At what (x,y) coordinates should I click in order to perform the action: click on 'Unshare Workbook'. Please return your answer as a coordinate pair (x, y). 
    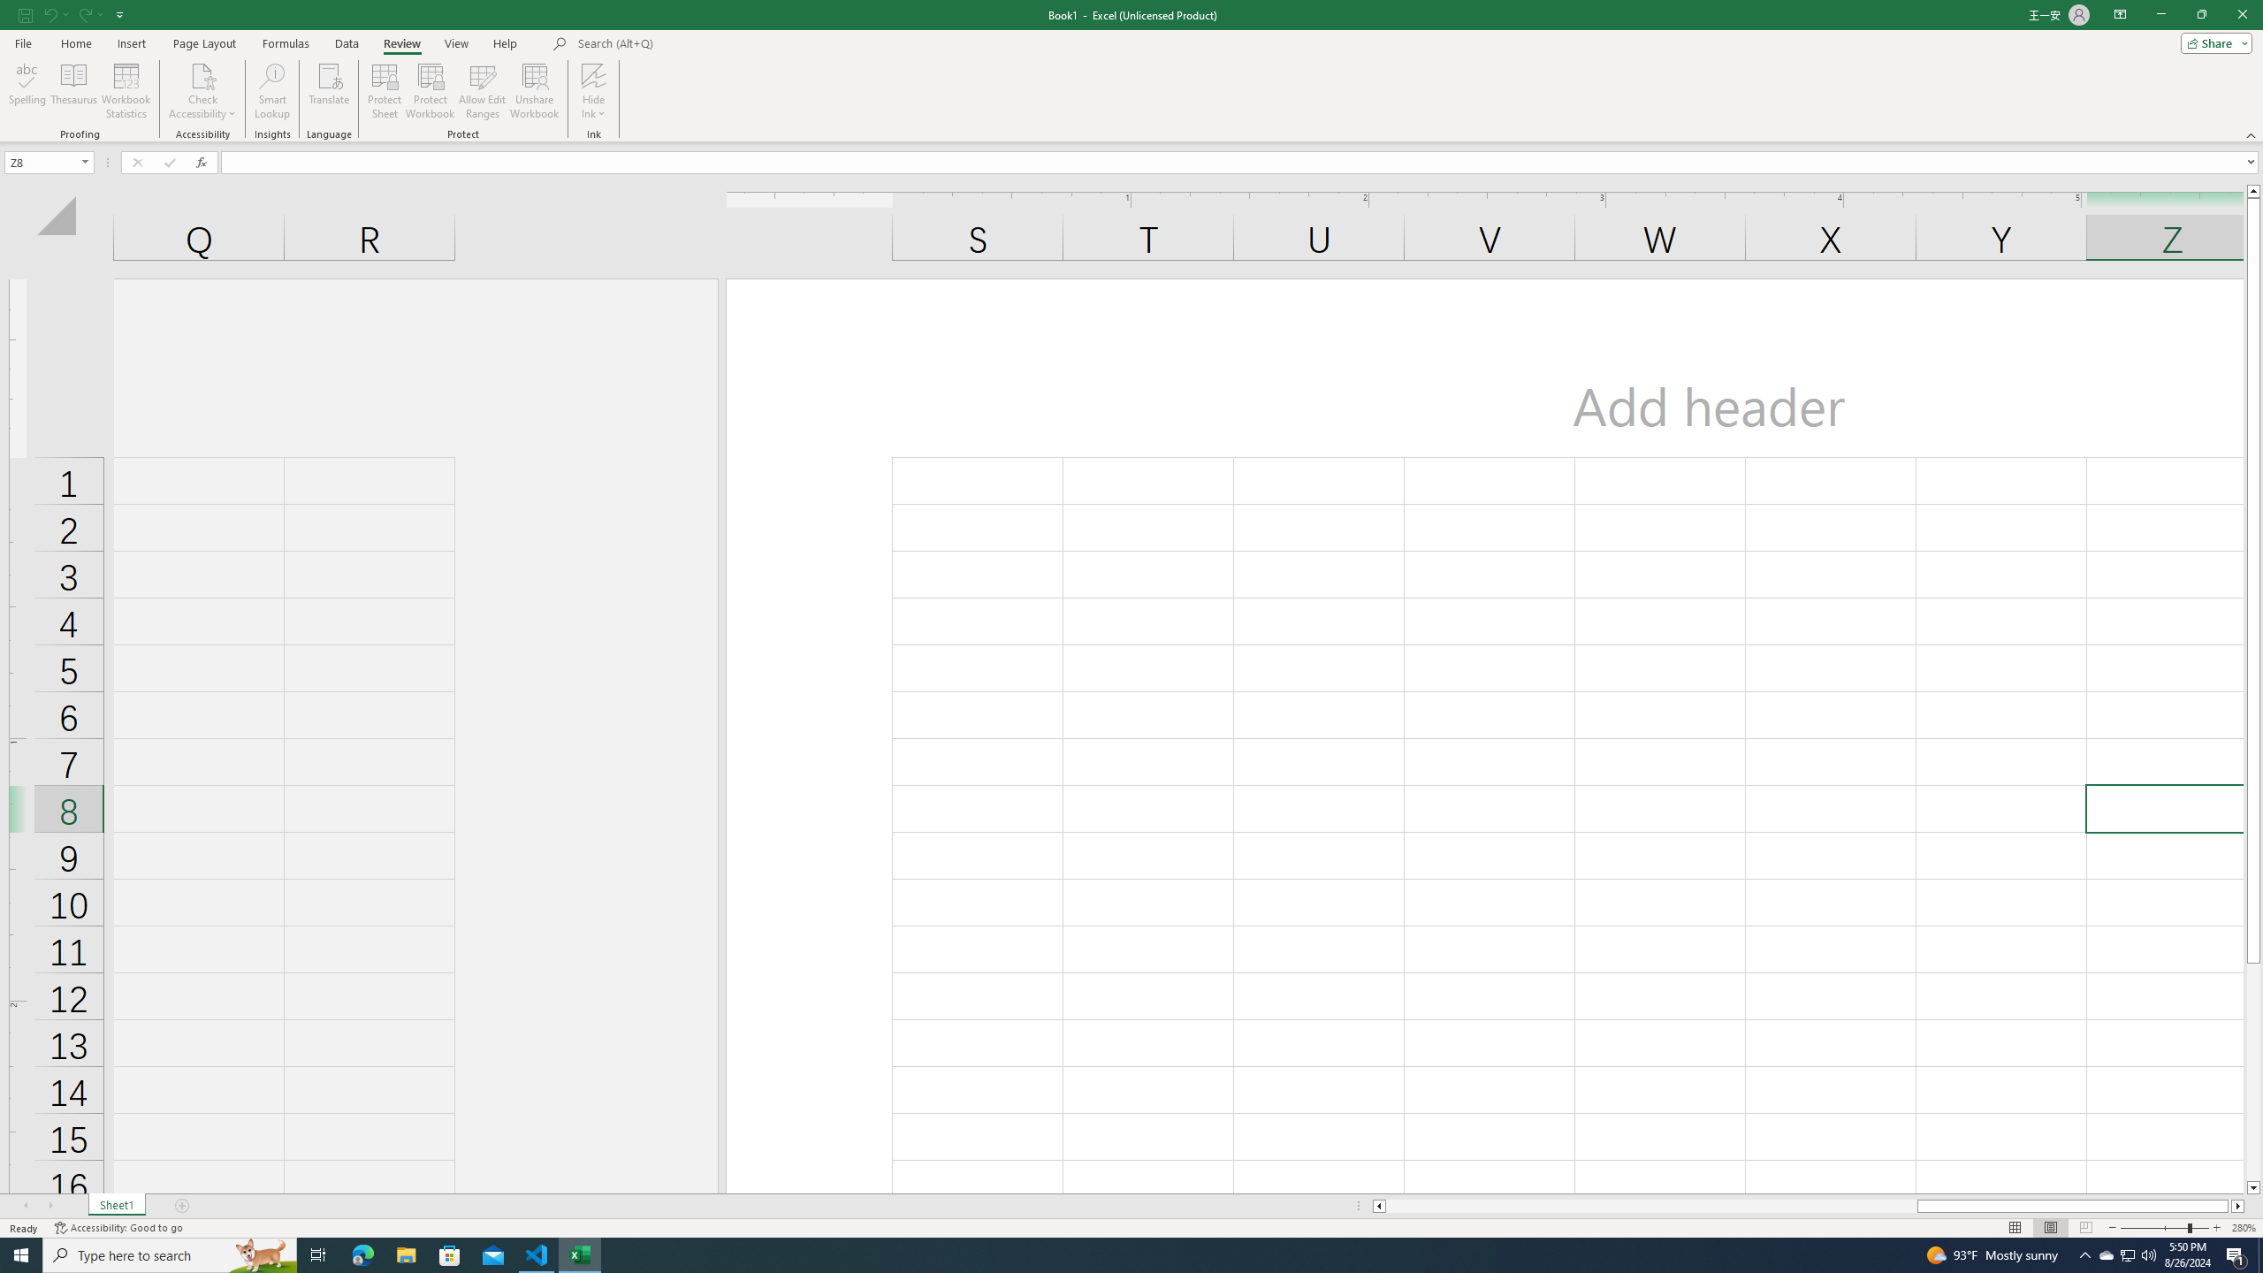
    Looking at the image, I should click on (534, 91).